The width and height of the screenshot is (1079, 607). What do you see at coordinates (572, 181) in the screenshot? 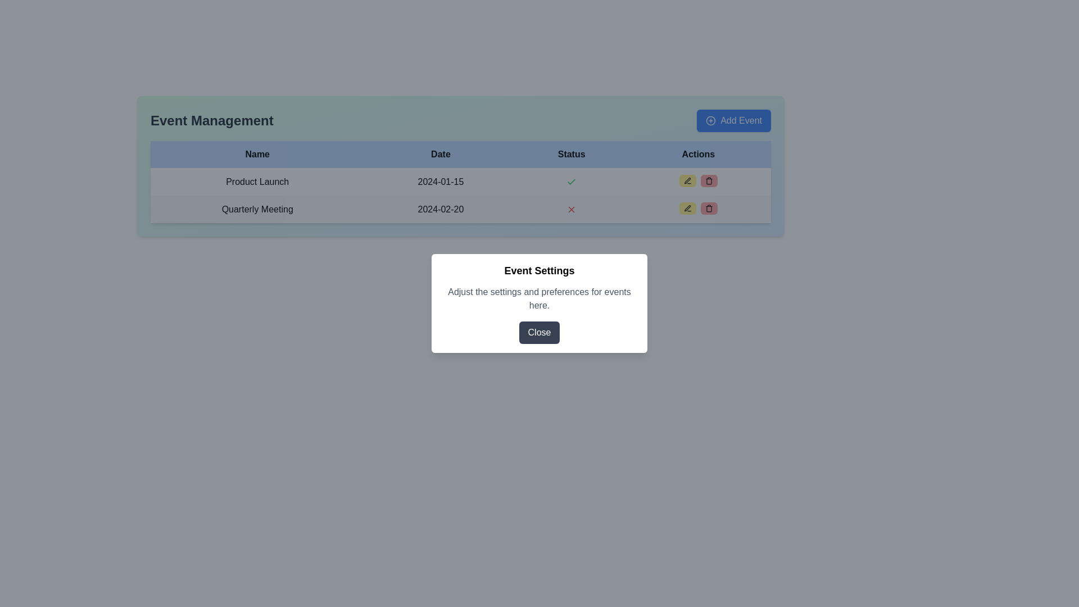
I see `the positive status icon located in the Event Management table under the 'Status' column for the first row, which corresponds to 'Product Launch'` at bounding box center [572, 181].